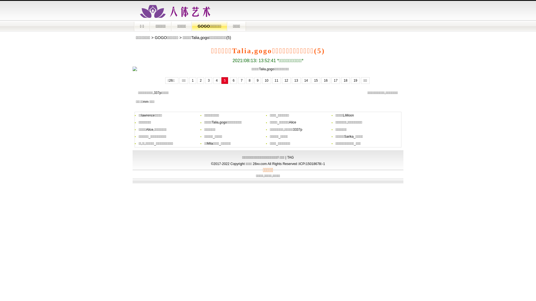 This screenshot has width=536, height=301. I want to click on '17', so click(335, 81).